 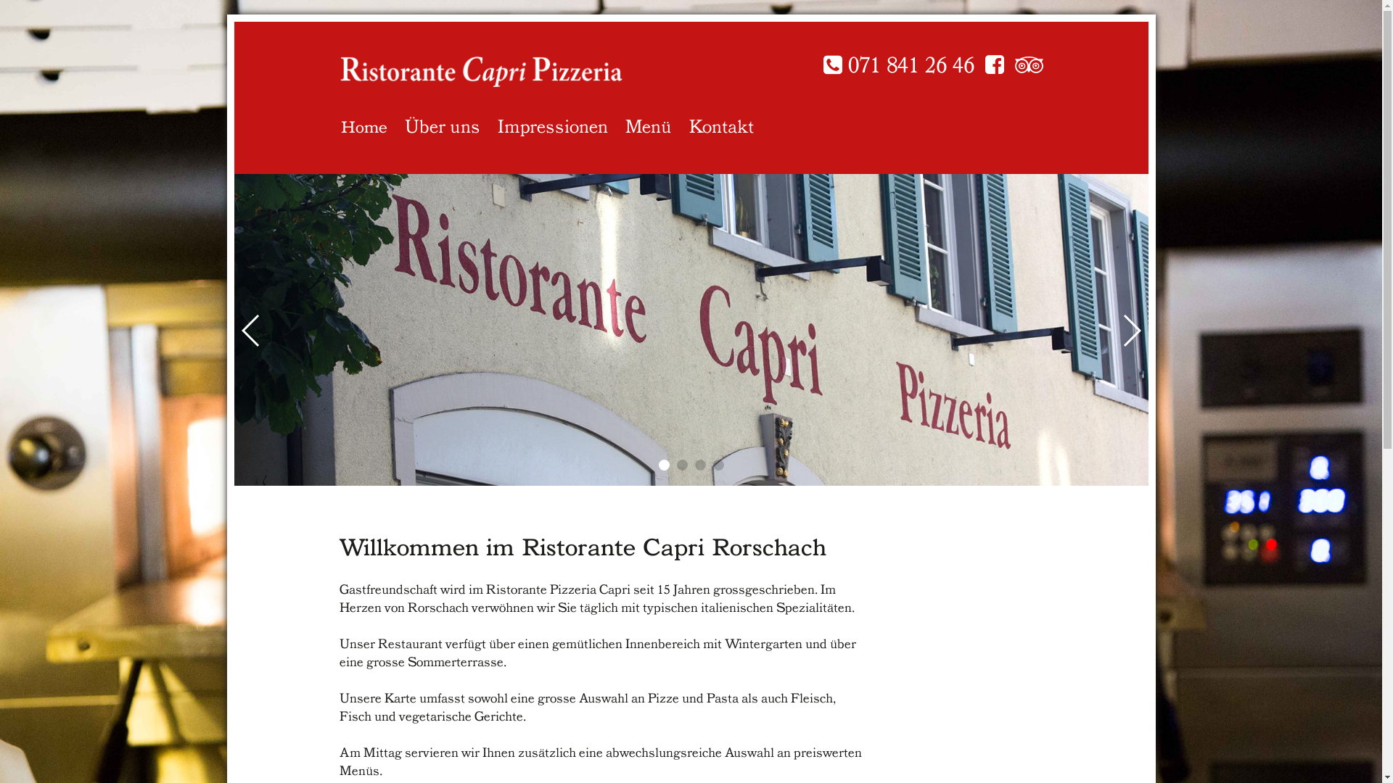 I want to click on 'Ristorante Pizzeria Capri auf Tripadvisor', so click(x=1027, y=64).